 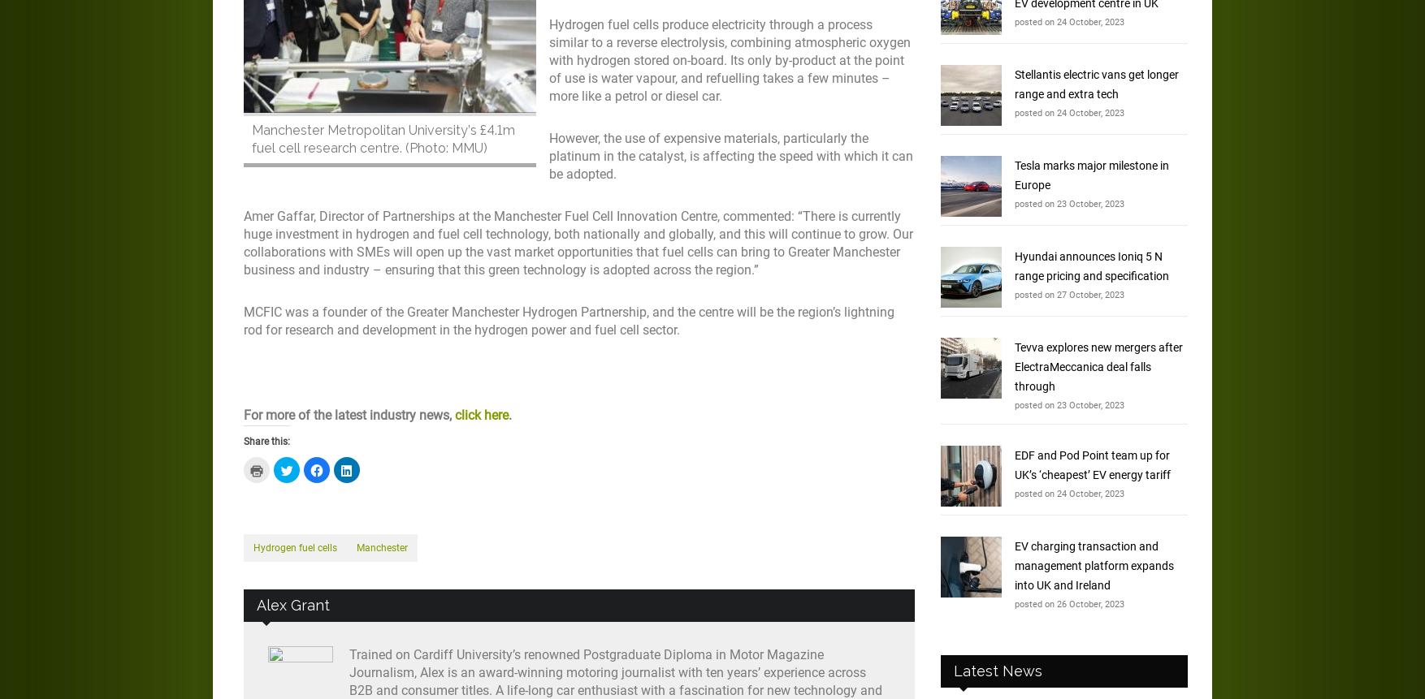 I want to click on 'posted on 26 October, 2023', so click(x=1068, y=603).